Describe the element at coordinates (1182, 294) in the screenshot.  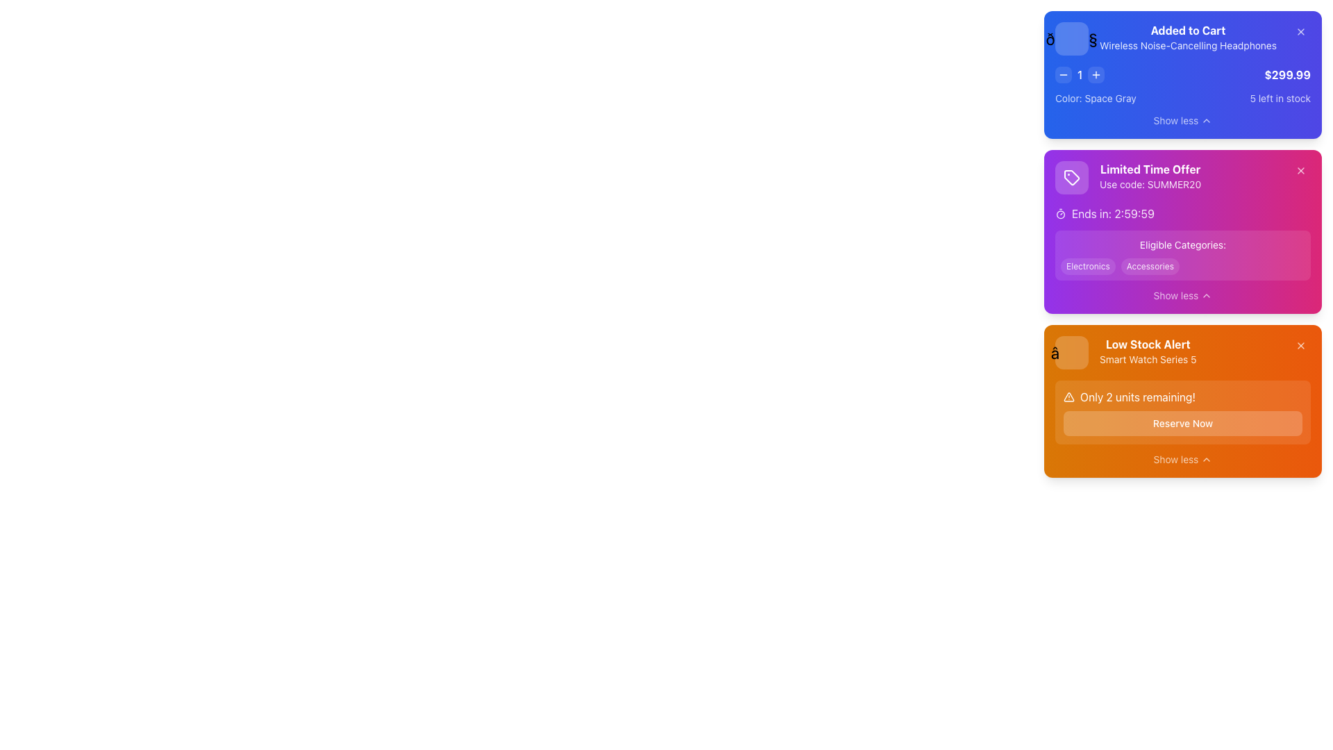
I see `the 'Show less' button, which is styled with a gradient background transitioning from purple to pink and contains white text and an upward-facing chevron icon, to change its appearance` at that location.